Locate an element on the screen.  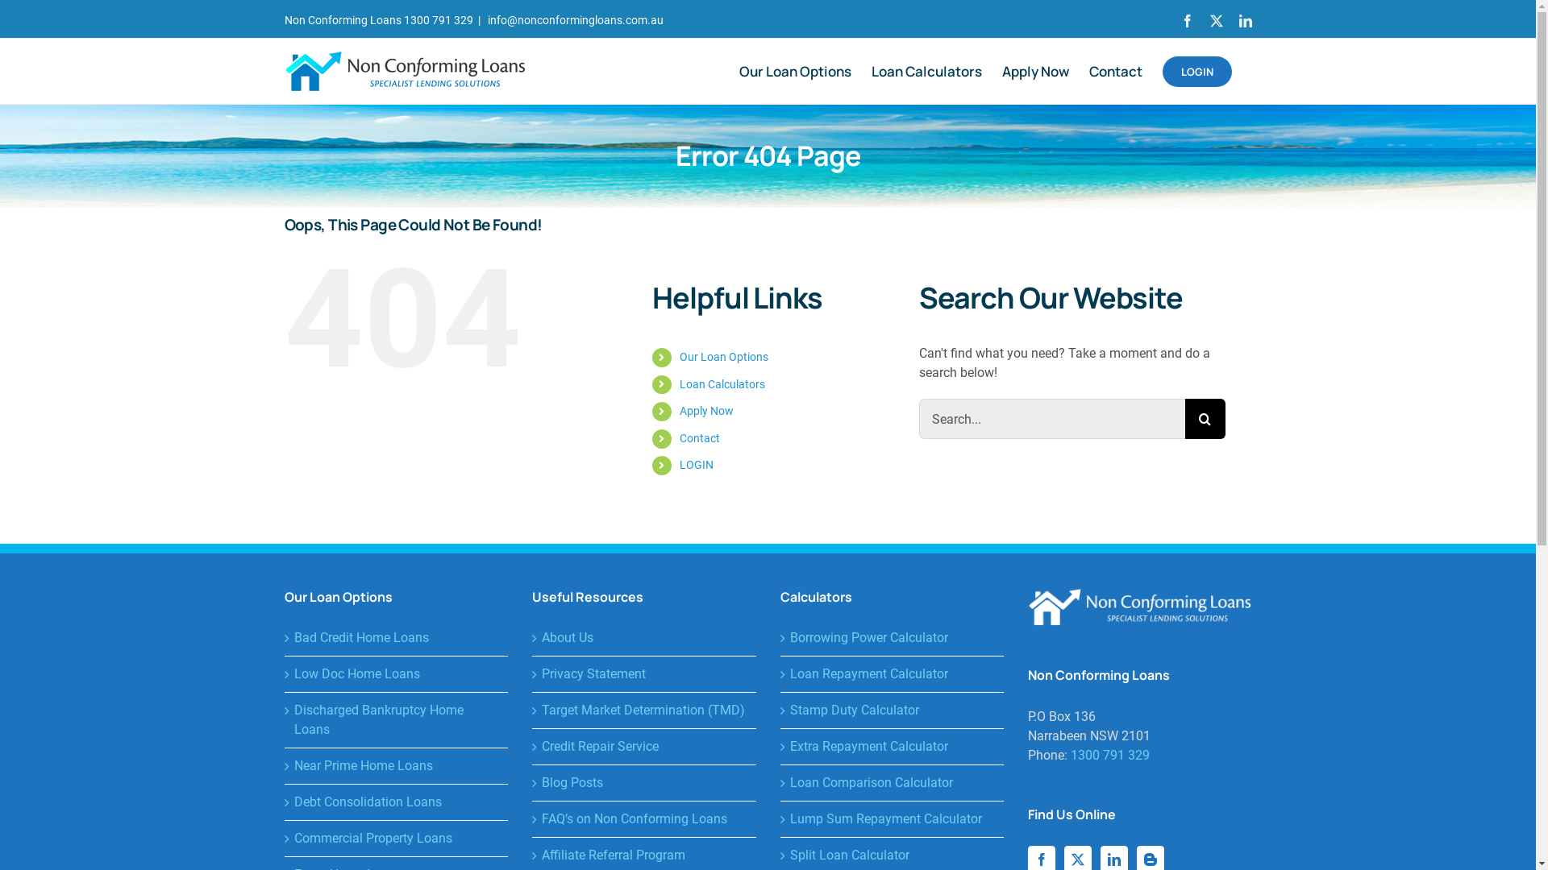
'Loan Repayment Calculator' is located at coordinates (893, 674).